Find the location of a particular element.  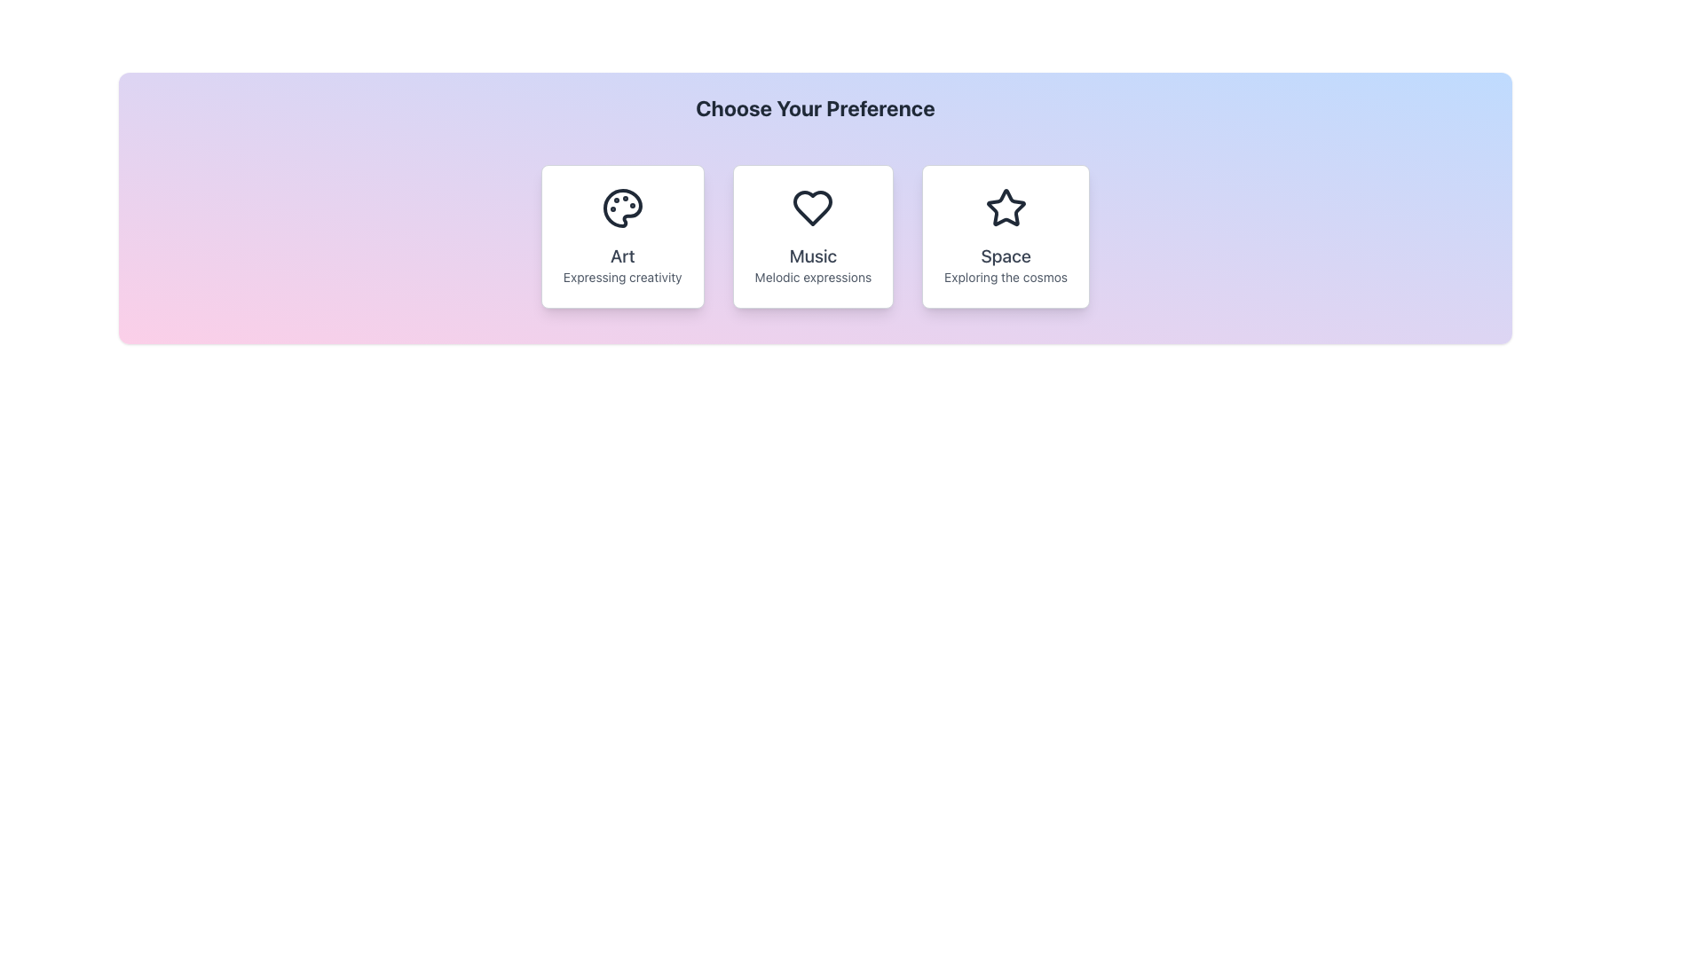

the heart-shaped graphic icon located in the center of the user interface under the title 'Choose Your Preference' in the 'Music' option is located at coordinates (812, 208).